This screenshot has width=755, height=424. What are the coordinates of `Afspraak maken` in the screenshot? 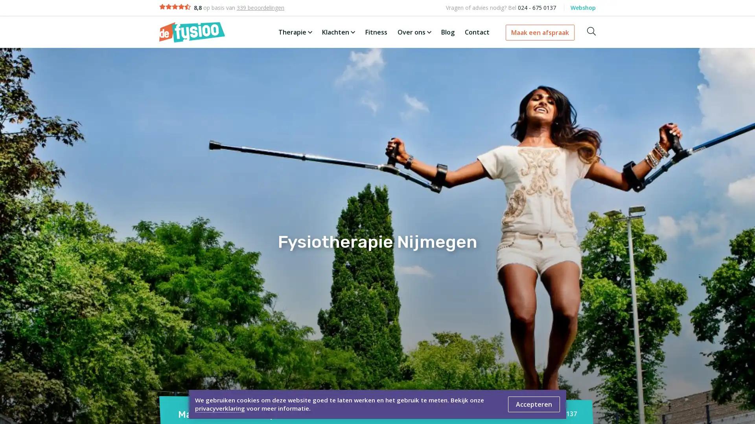 It's located at (540, 312).